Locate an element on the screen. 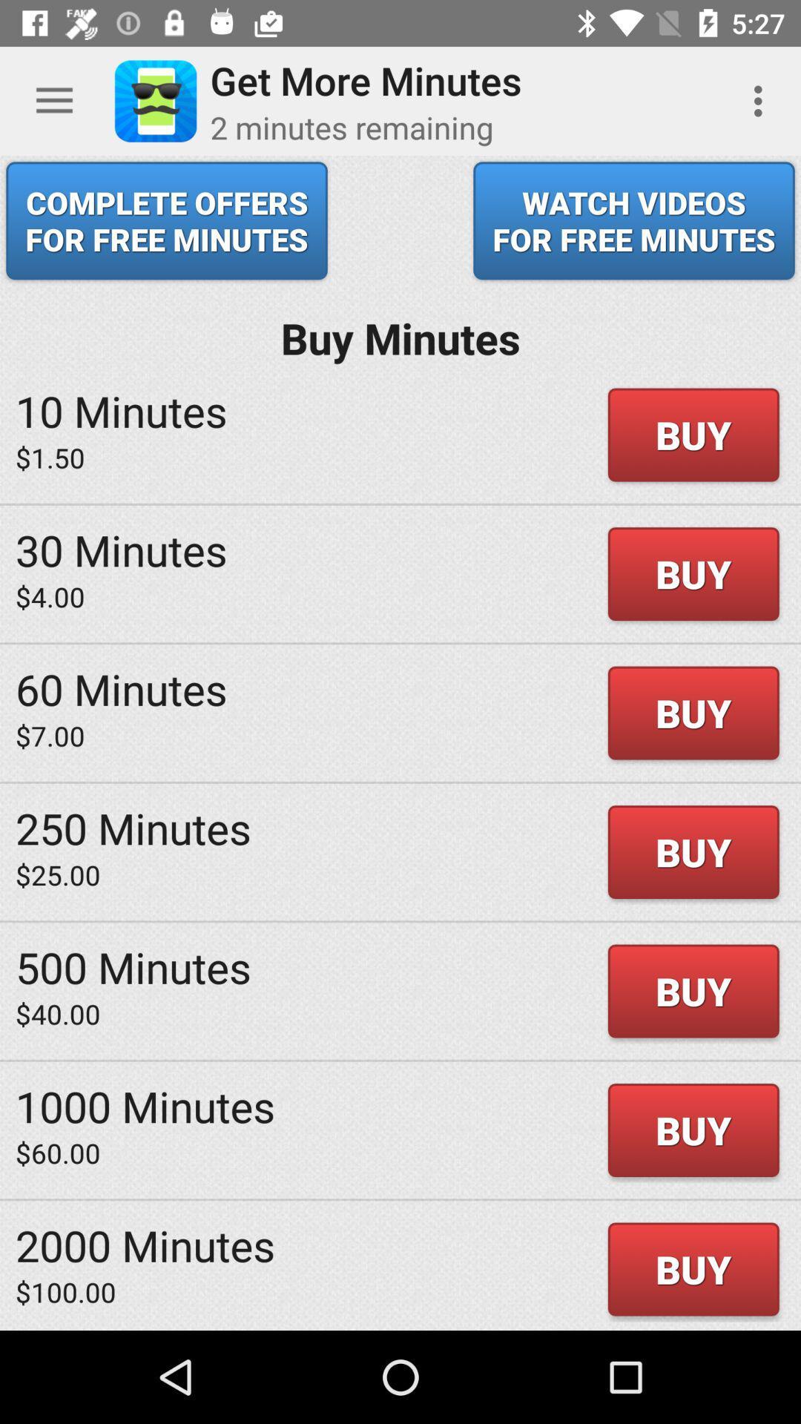 This screenshot has height=1424, width=801. icon next to buy item is located at coordinates (49, 457).